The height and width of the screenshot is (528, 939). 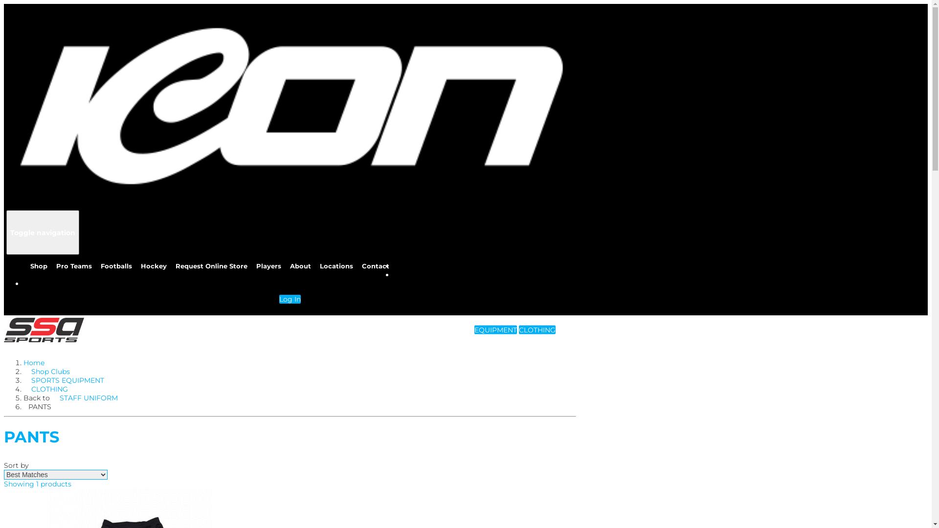 What do you see at coordinates (67, 380) in the screenshot?
I see `'SPORTS EQUIPMENT'` at bounding box center [67, 380].